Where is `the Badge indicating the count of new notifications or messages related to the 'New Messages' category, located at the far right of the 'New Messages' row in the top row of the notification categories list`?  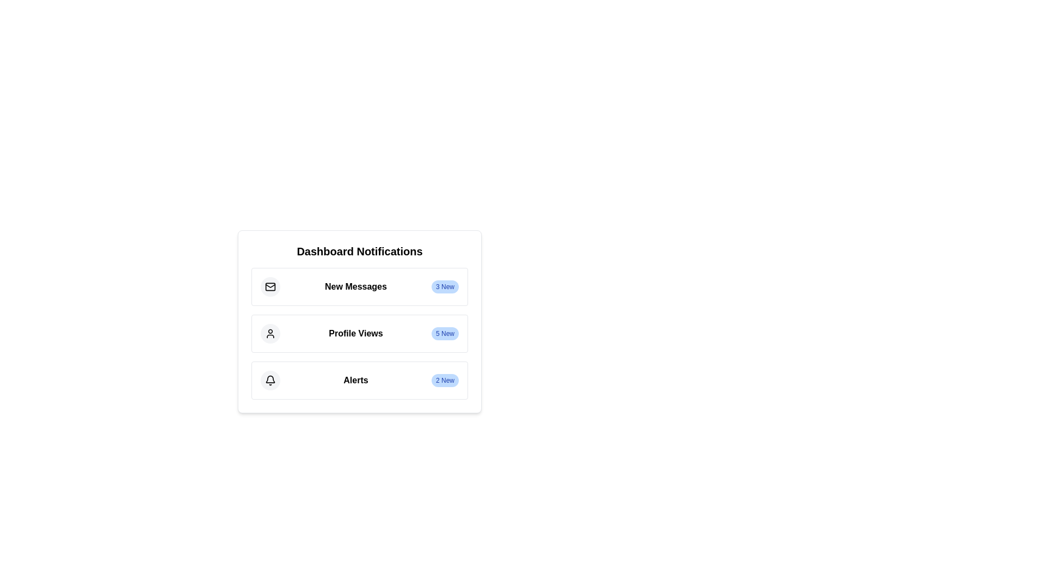 the Badge indicating the count of new notifications or messages related to the 'New Messages' category, located at the far right of the 'New Messages' row in the top row of the notification categories list is located at coordinates (445, 286).